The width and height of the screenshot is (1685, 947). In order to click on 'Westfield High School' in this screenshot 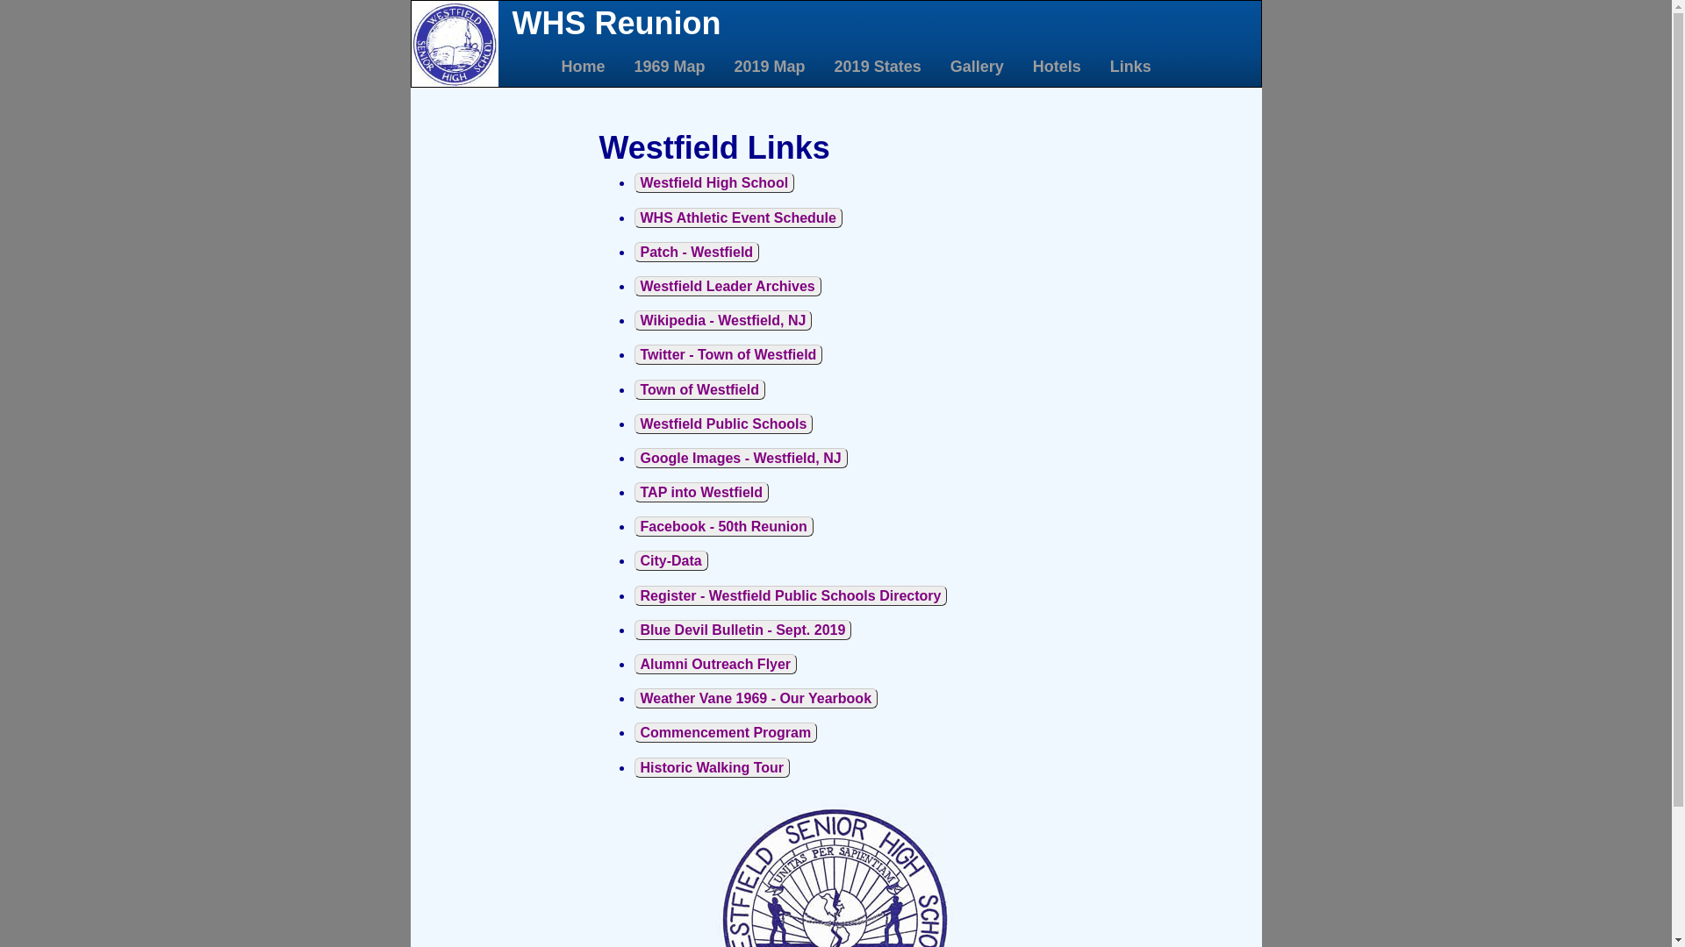, I will do `click(713, 182)`.